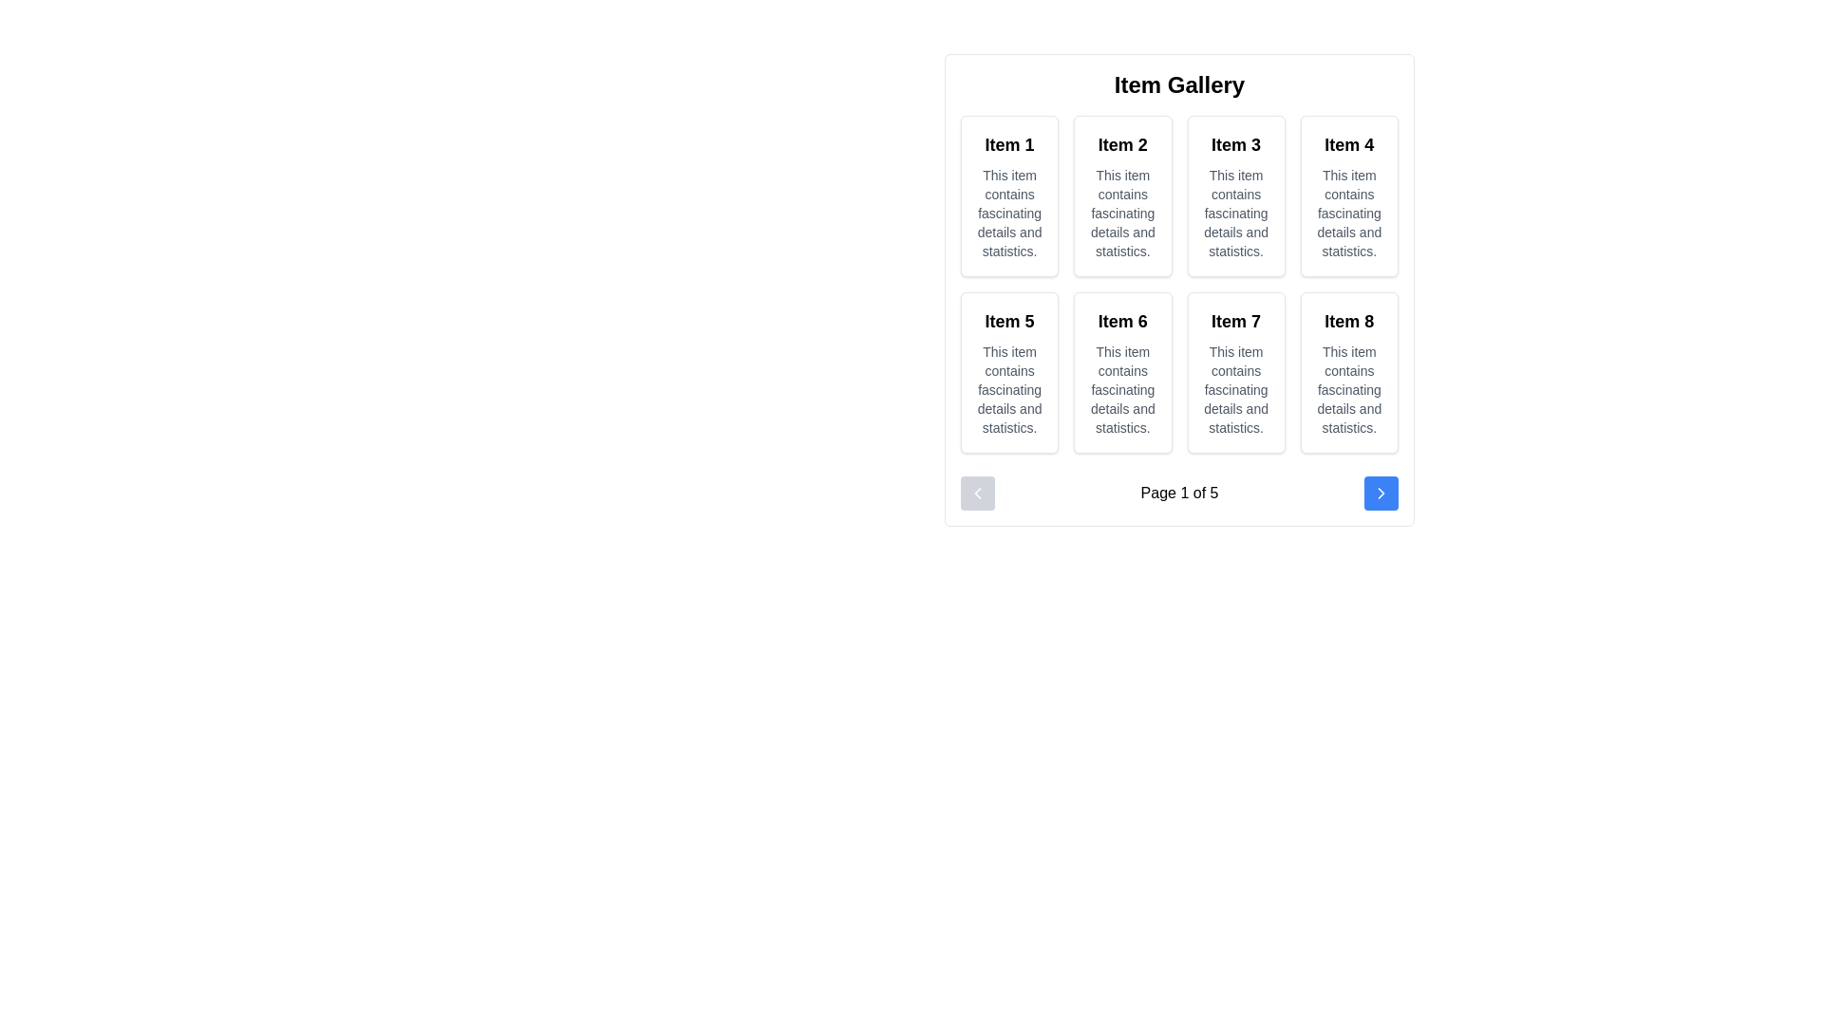 This screenshot has width=1823, height=1025. Describe the element at coordinates (1008, 144) in the screenshot. I see `the static text label that serves as the title or identifier of the specific grid item, located at the central section of the interface` at that location.